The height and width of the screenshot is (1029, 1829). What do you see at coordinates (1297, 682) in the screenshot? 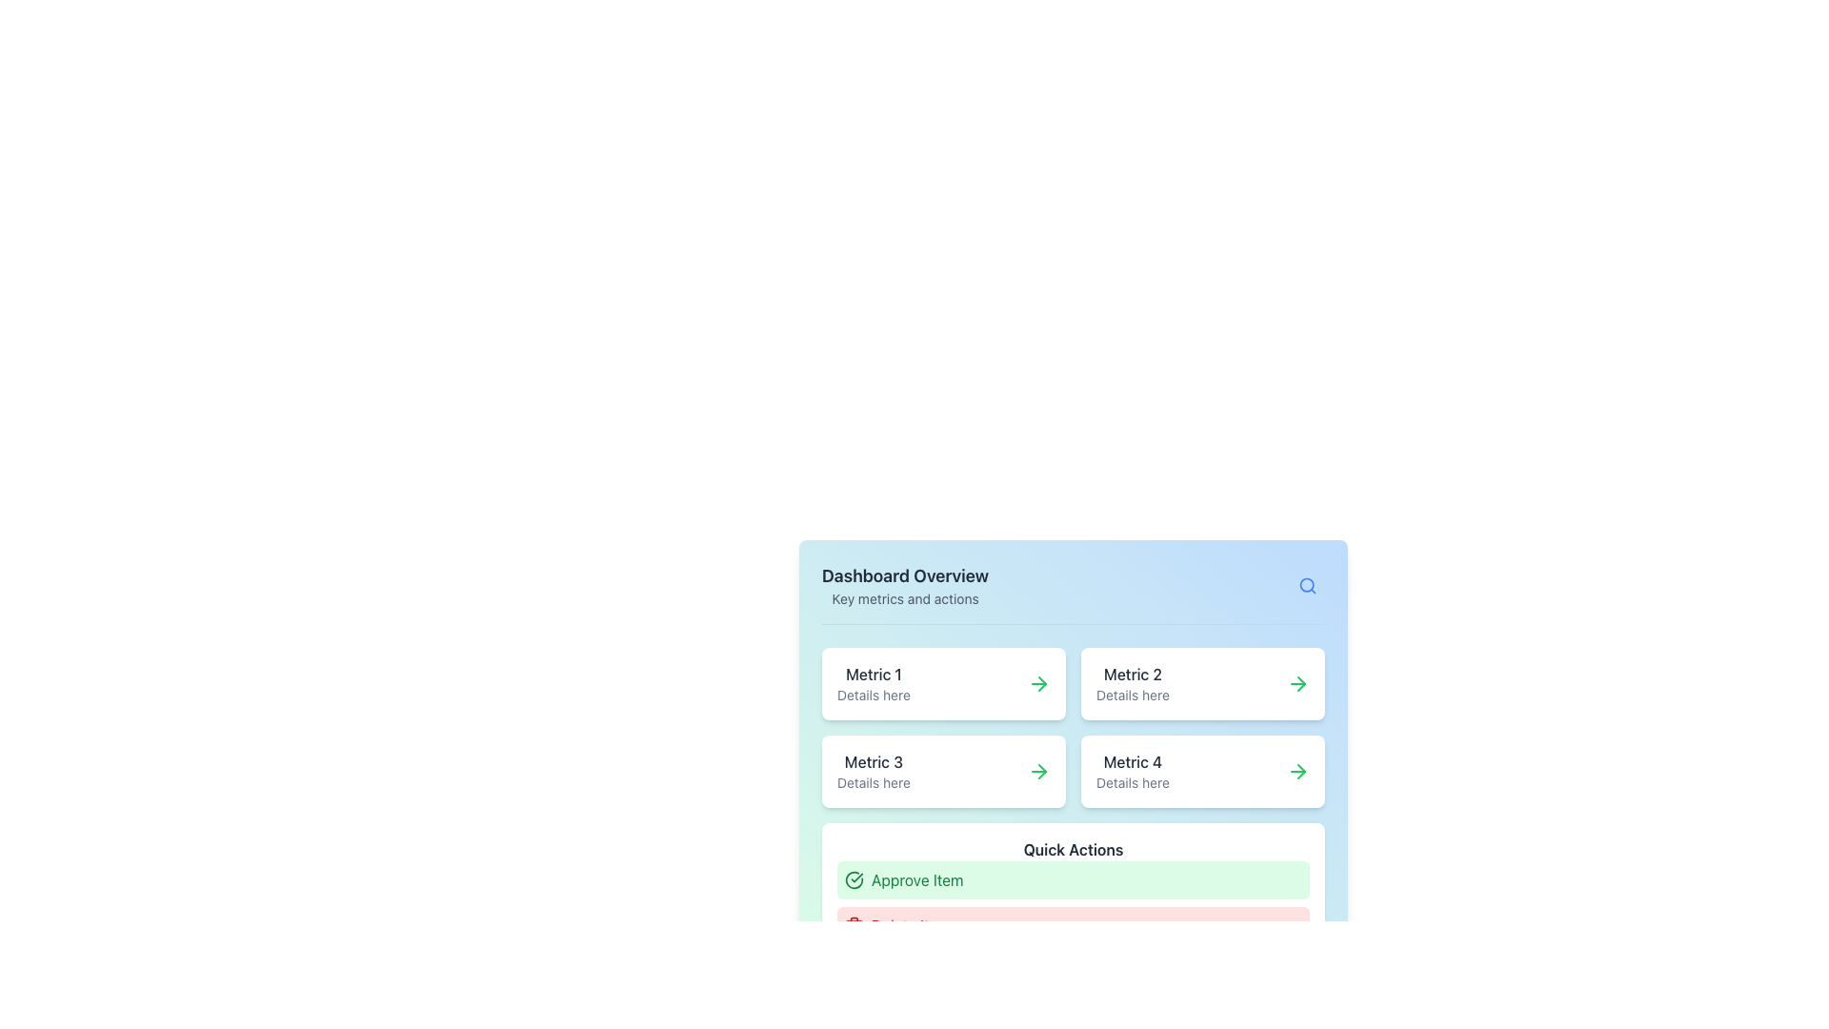
I see `the green arrow icon pointing to the right located within the card labeled 'Metric 2'` at bounding box center [1297, 682].